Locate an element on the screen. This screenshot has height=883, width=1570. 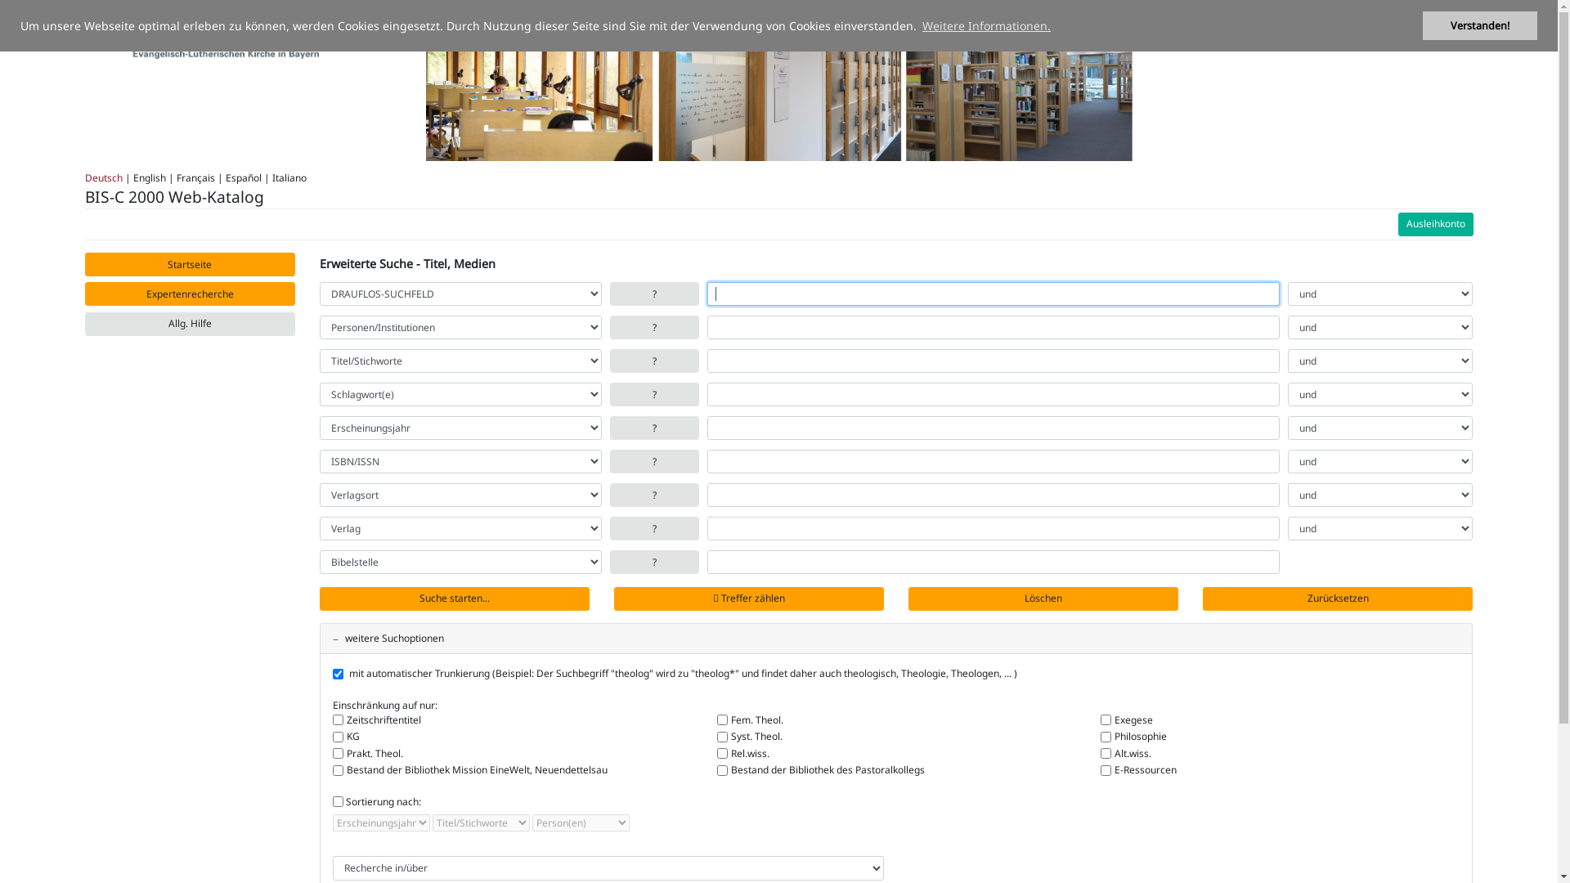
'DABIS - Bibliothek' is located at coordinates (200, 34).